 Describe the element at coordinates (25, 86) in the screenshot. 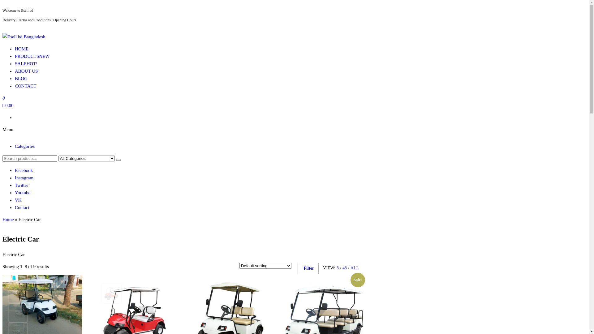

I see `'CONTACT'` at that location.